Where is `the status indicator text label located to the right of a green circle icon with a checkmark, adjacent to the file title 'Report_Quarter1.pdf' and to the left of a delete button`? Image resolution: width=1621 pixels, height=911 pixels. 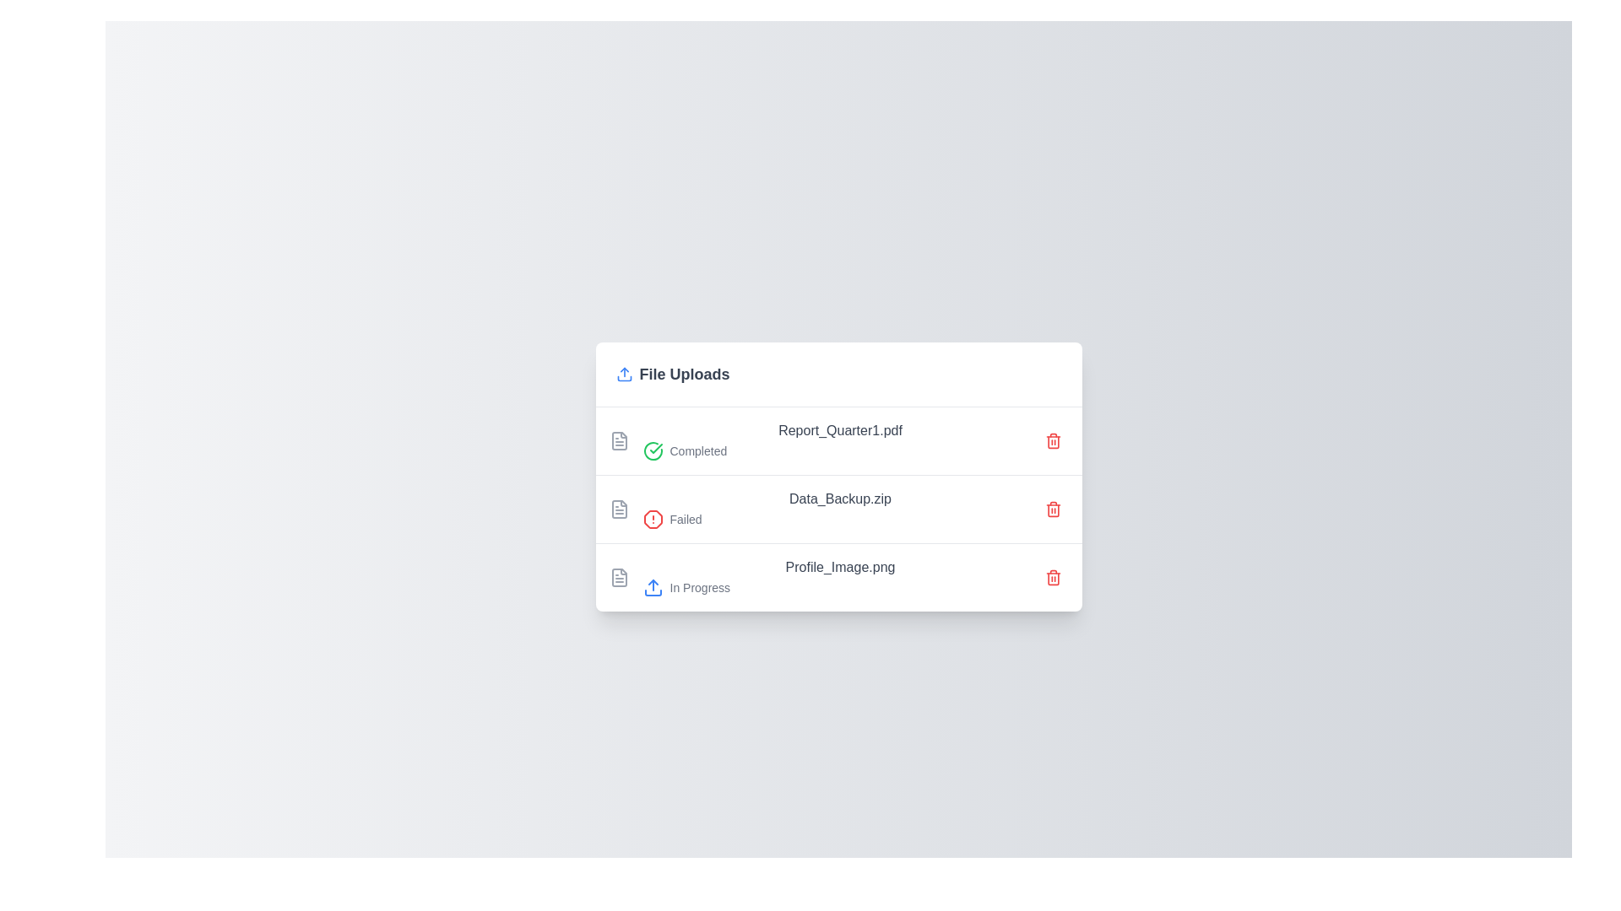
the status indicator text label located to the right of a green circle icon with a checkmark, adjacent to the file title 'Report_Quarter1.pdf' and to the left of a delete button is located at coordinates (698, 450).